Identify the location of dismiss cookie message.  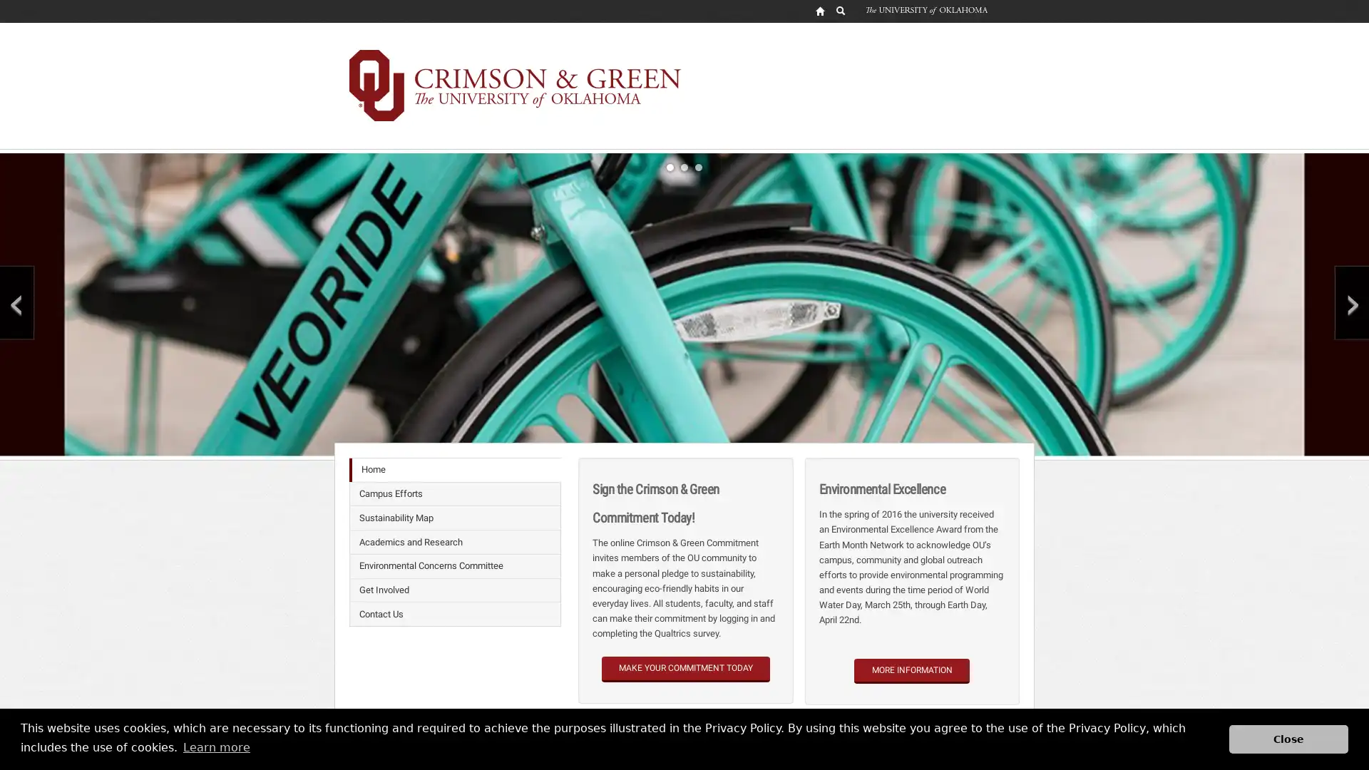
(1288, 738).